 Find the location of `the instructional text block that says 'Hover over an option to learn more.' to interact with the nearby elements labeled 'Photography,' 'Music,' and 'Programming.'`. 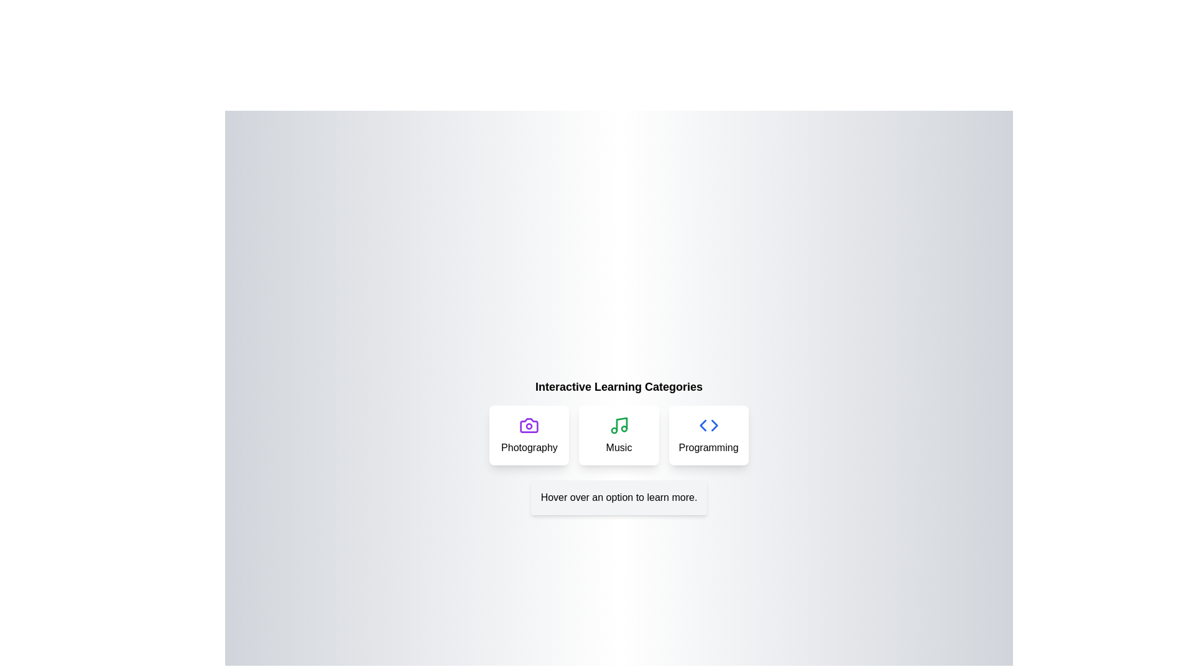

the instructional text block that says 'Hover over an option to learn more.' to interact with the nearby elements labeled 'Photography,' 'Music,' and 'Programming.' is located at coordinates (619, 497).